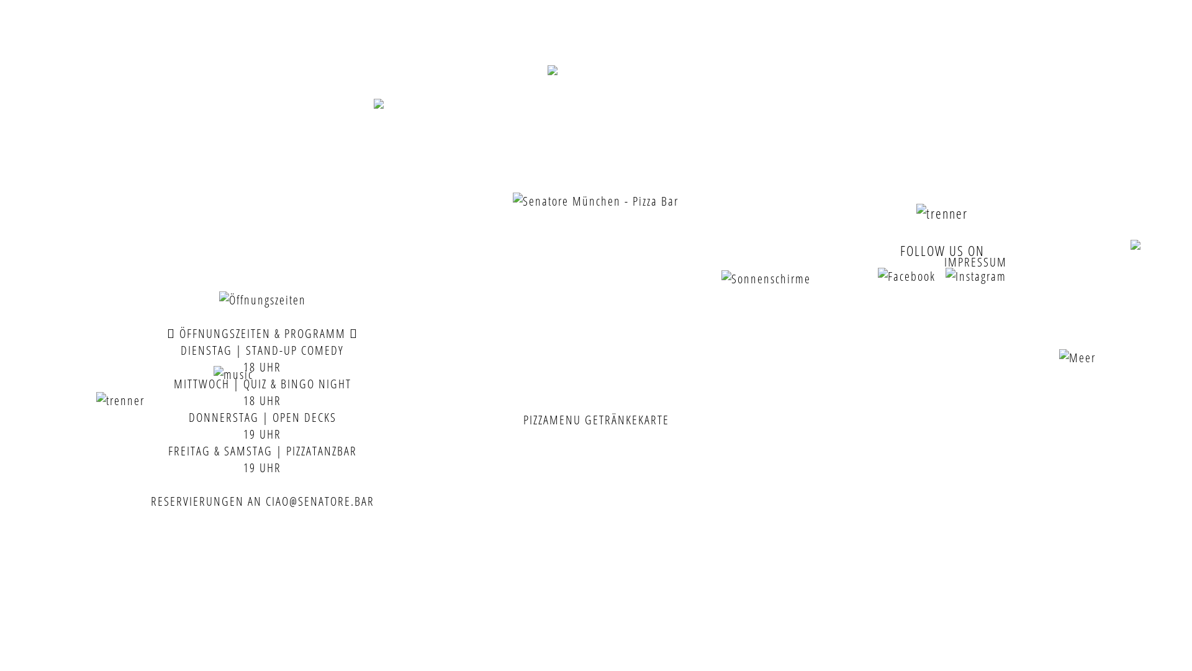  What do you see at coordinates (975, 261) in the screenshot?
I see `'IMPRESSUM'` at bounding box center [975, 261].